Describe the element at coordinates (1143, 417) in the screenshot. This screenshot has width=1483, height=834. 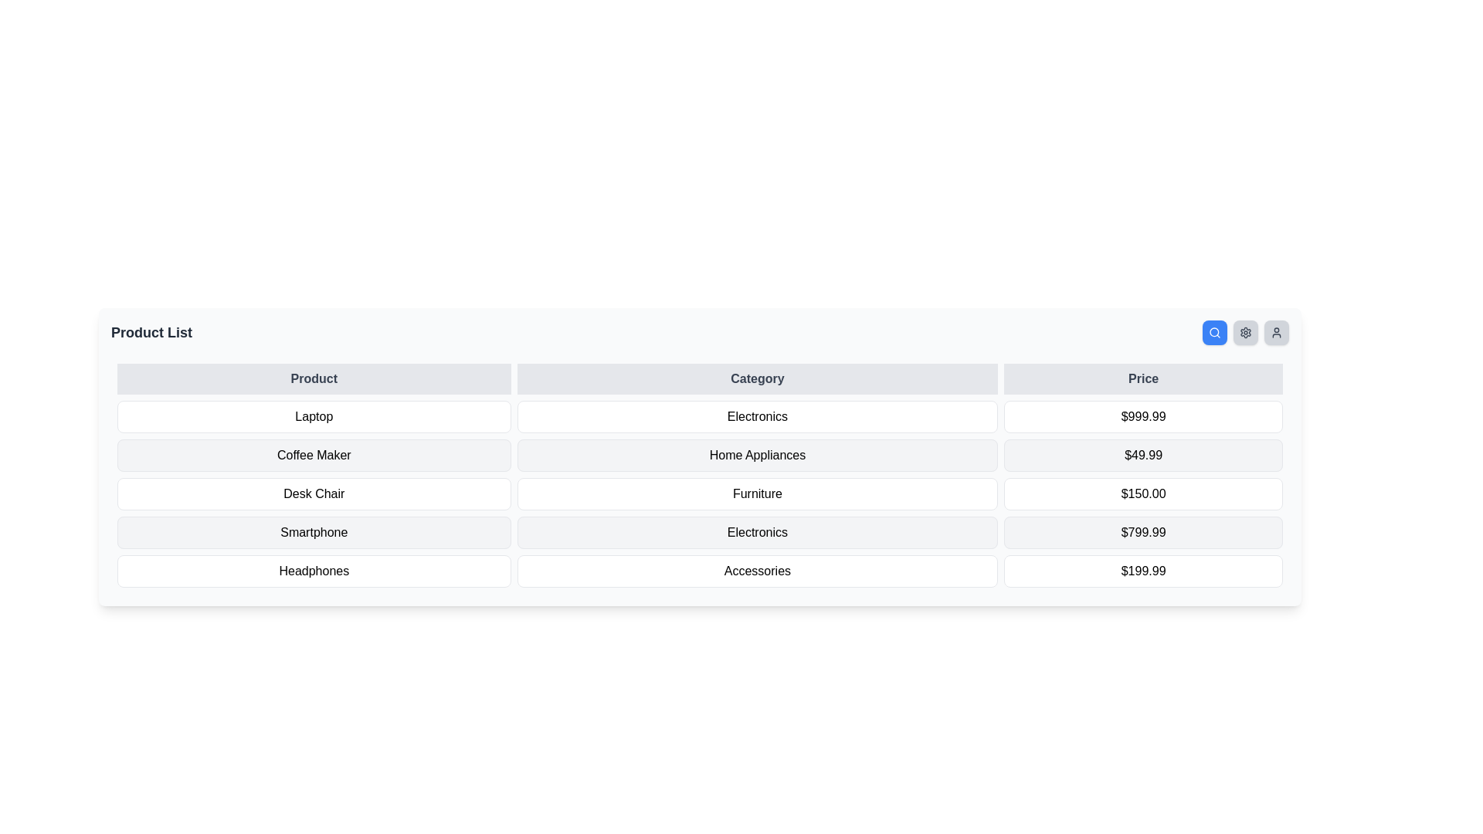
I see `the table cell displaying the price value ($999.99) for the Laptop product by moving the cursor to its center point` at that location.